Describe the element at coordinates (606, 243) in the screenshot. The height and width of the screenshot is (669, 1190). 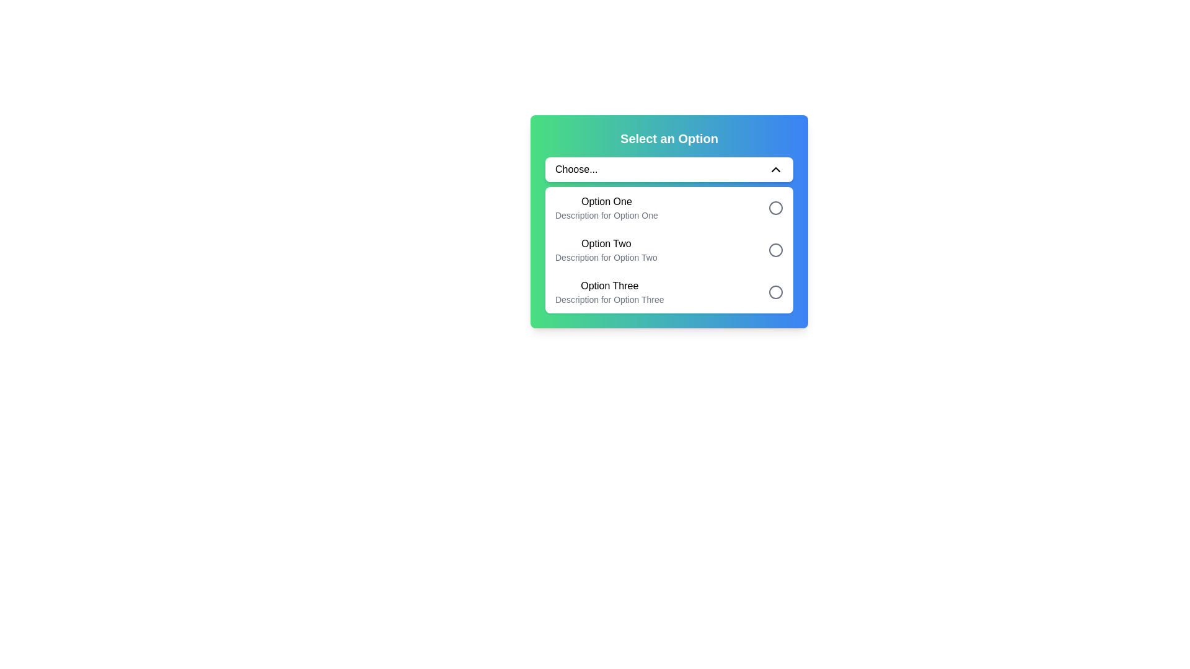
I see `the text label representing 'Option Two' in the dropdown menu` at that location.